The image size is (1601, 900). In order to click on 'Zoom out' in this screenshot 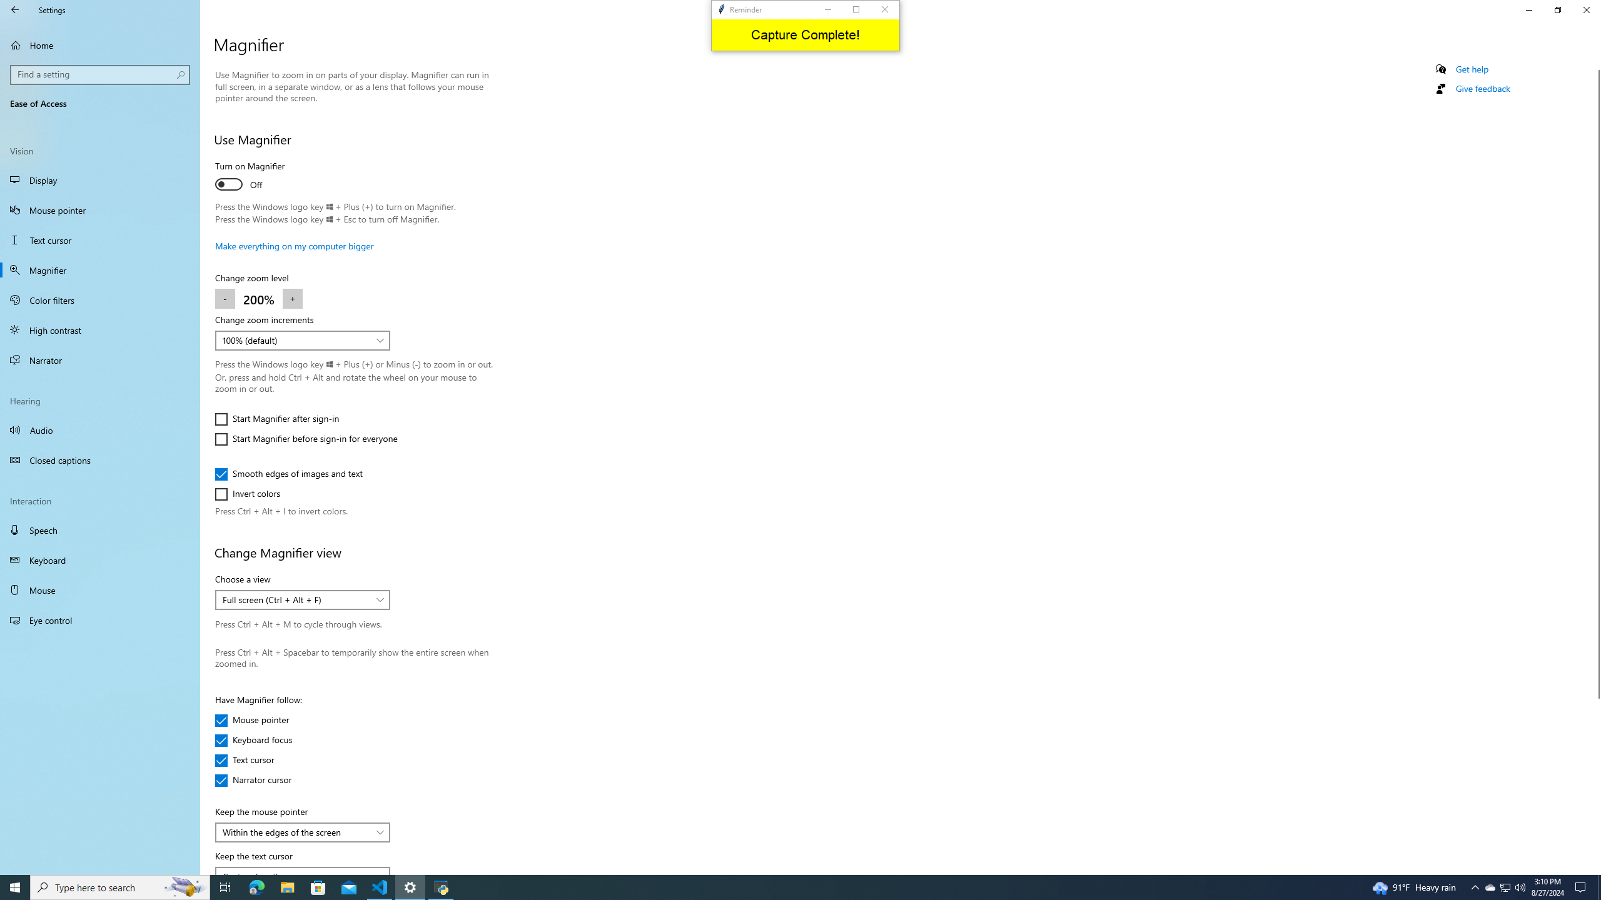, I will do `click(224, 299)`.